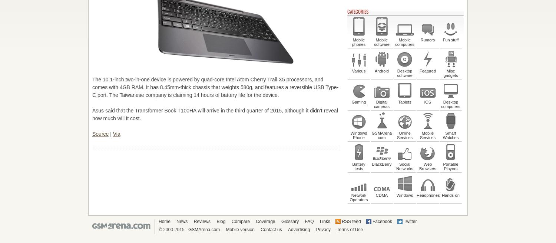 The height and width of the screenshot is (243, 556). Describe the element at coordinates (358, 71) in the screenshot. I see `'Various'` at that location.